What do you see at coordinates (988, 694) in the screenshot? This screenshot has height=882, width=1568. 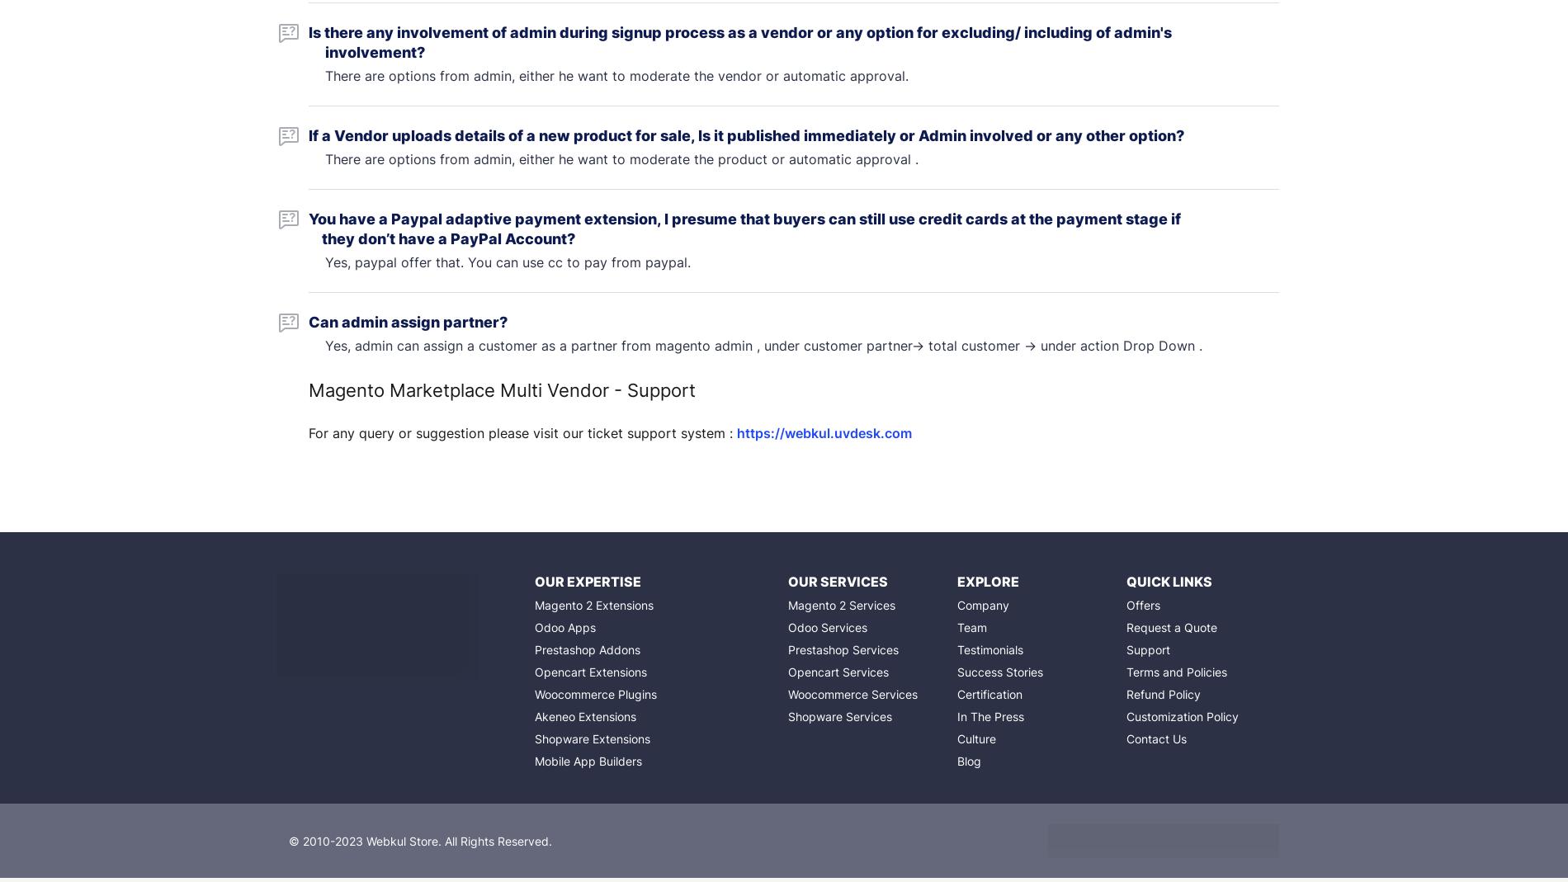 I see `'Certification'` at bounding box center [988, 694].